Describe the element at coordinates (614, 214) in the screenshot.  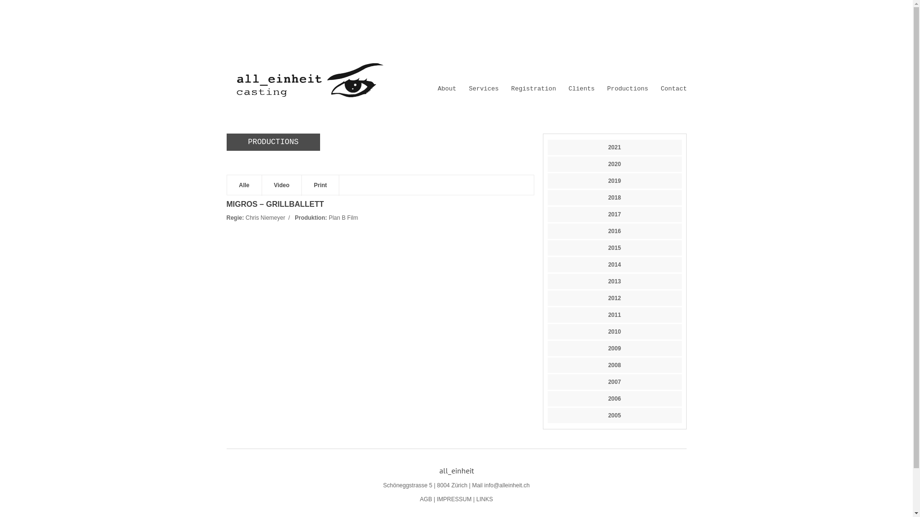
I see `'2017'` at that location.